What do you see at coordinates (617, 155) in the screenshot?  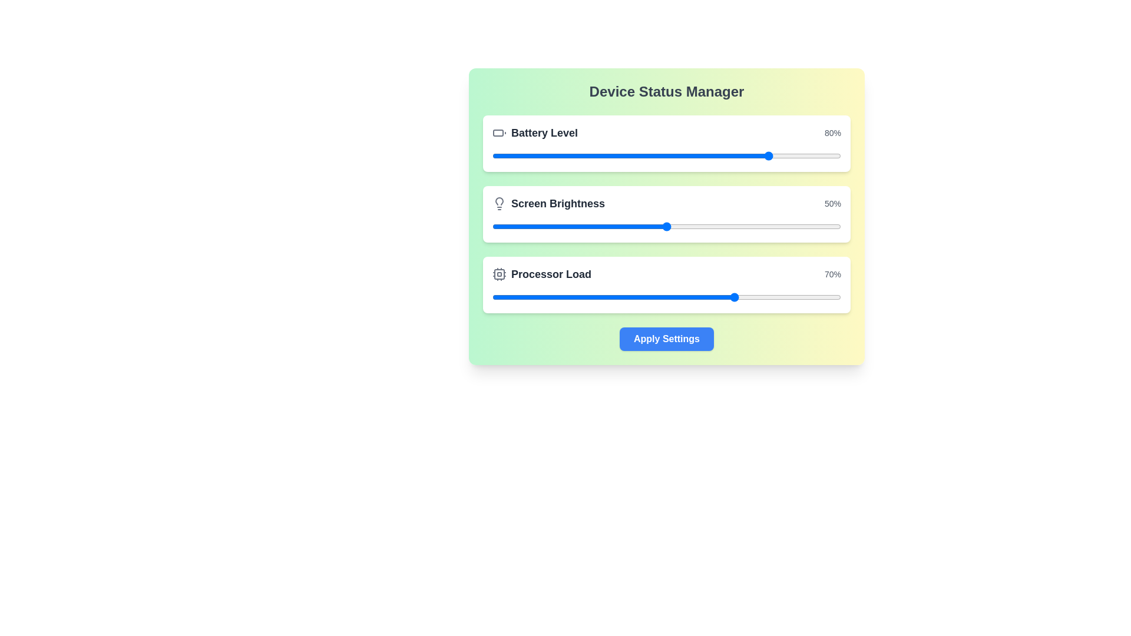 I see `the battery level` at bounding box center [617, 155].